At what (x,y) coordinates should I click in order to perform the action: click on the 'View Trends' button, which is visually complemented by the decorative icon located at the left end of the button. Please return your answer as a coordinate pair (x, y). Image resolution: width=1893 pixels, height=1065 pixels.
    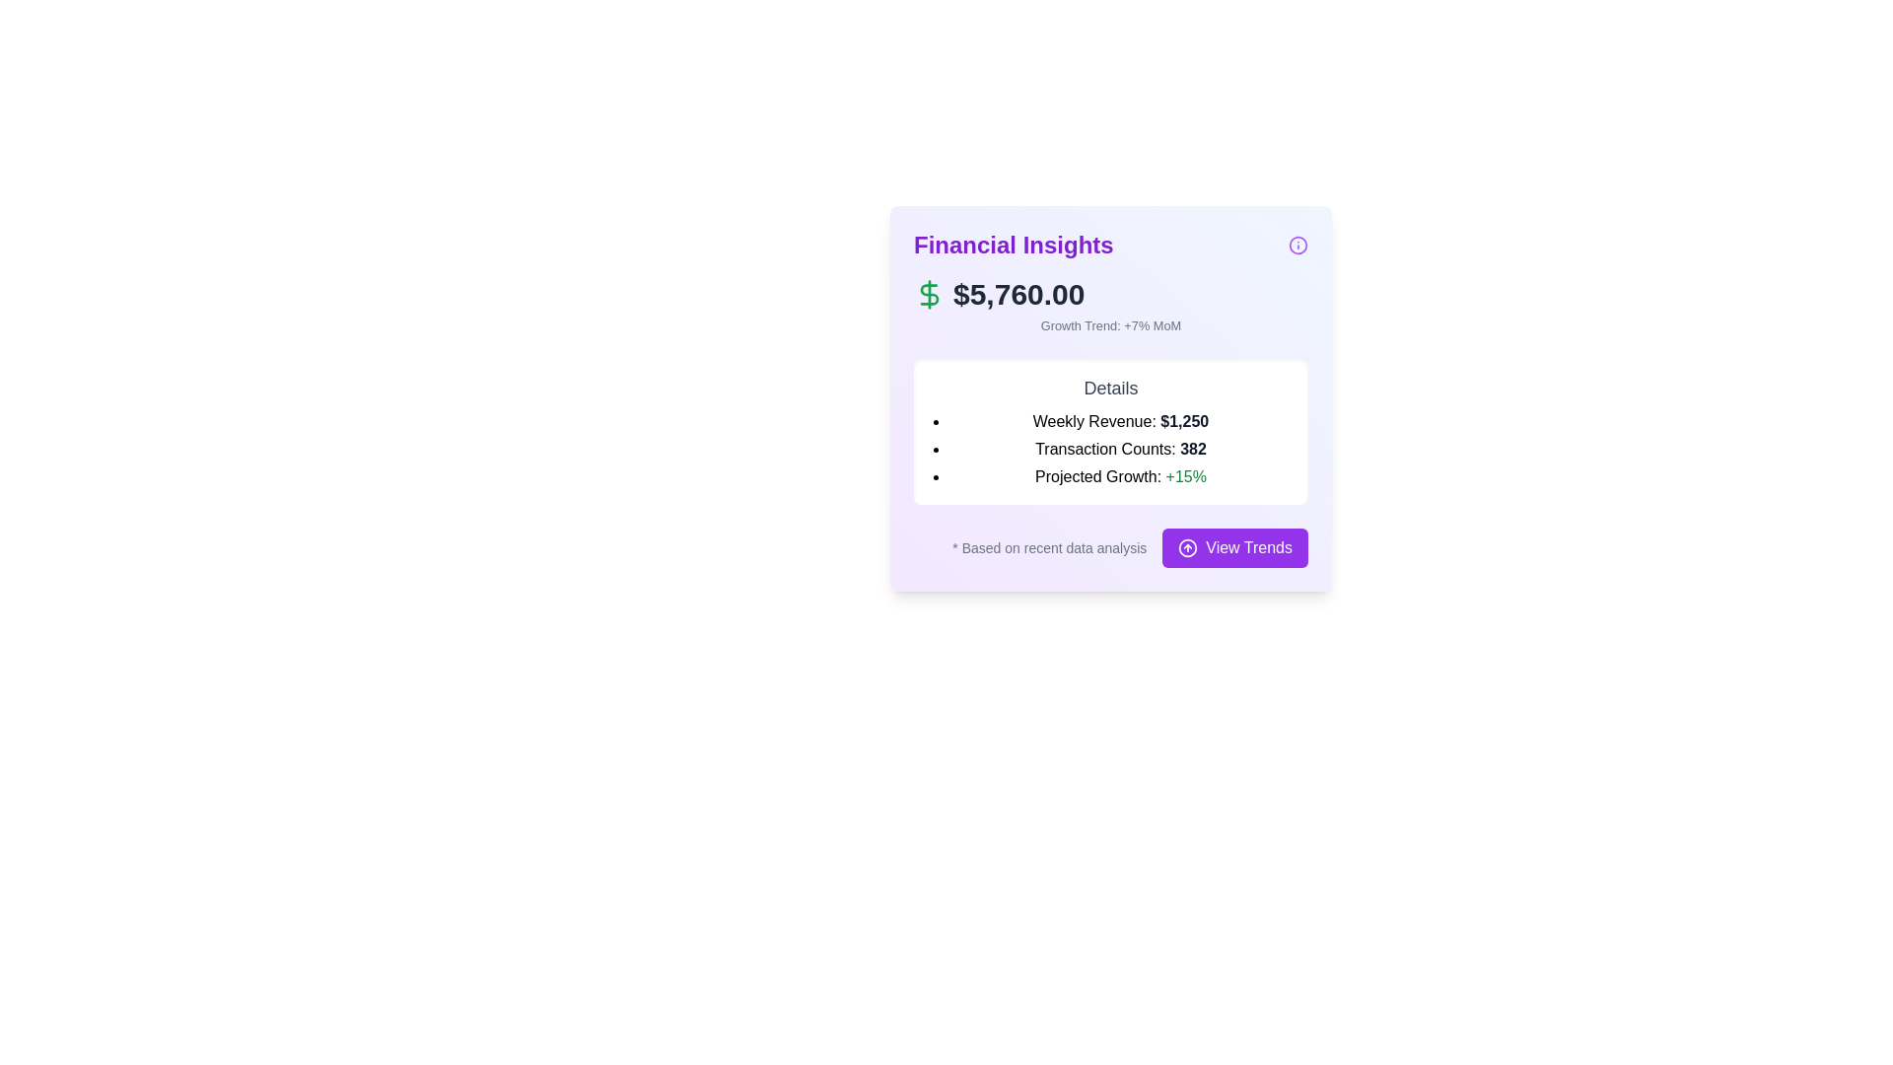
    Looking at the image, I should click on (1187, 548).